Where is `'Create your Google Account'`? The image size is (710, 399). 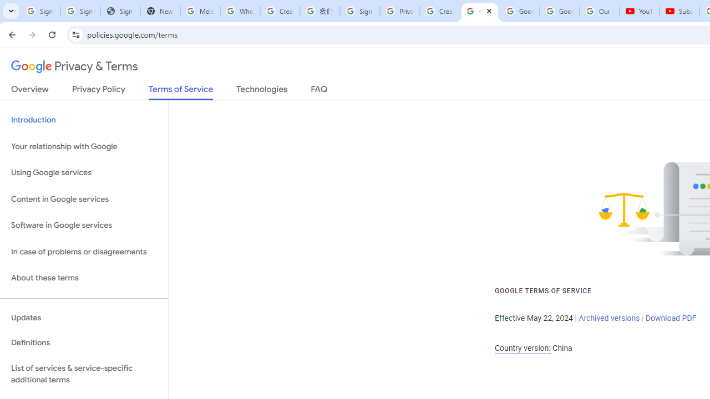 'Create your Google Account' is located at coordinates (439, 11).